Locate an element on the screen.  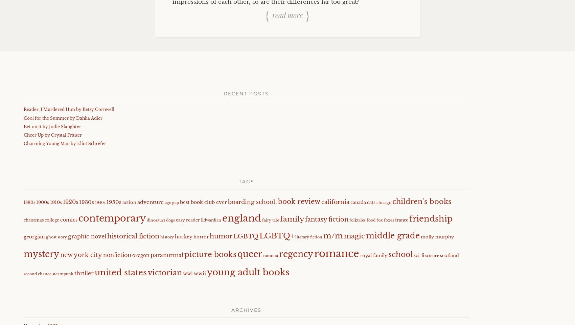
'paranormal' is located at coordinates (167, 254).